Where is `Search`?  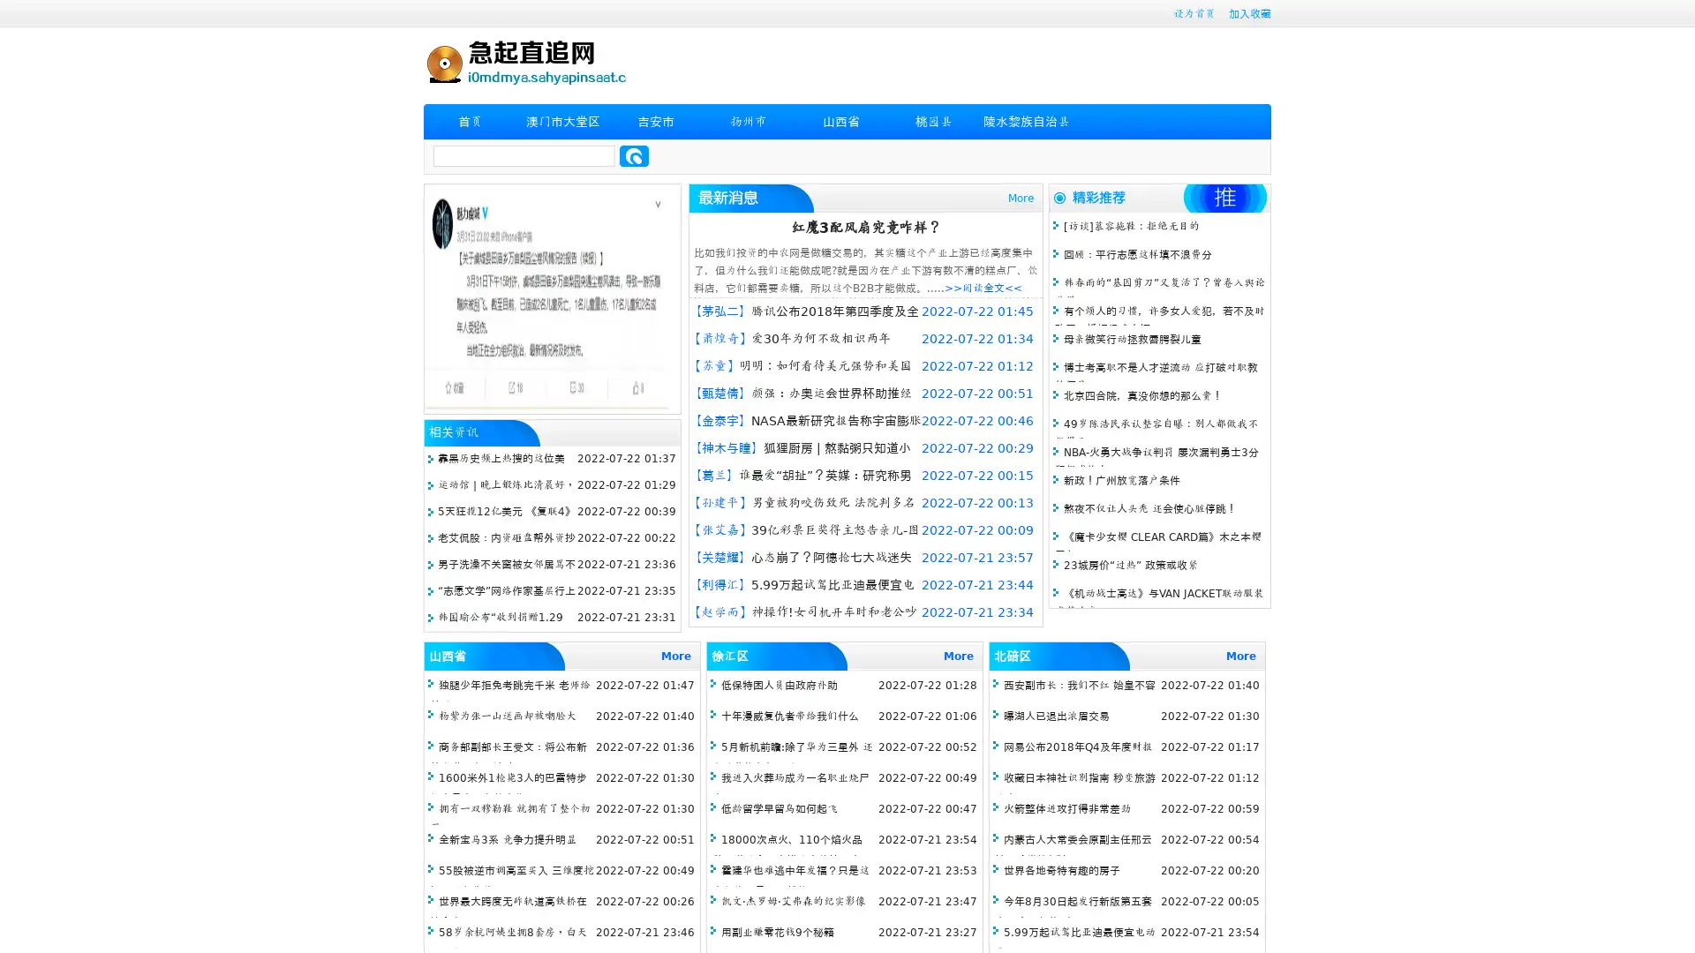 Search is located at coordinates (634, 155).